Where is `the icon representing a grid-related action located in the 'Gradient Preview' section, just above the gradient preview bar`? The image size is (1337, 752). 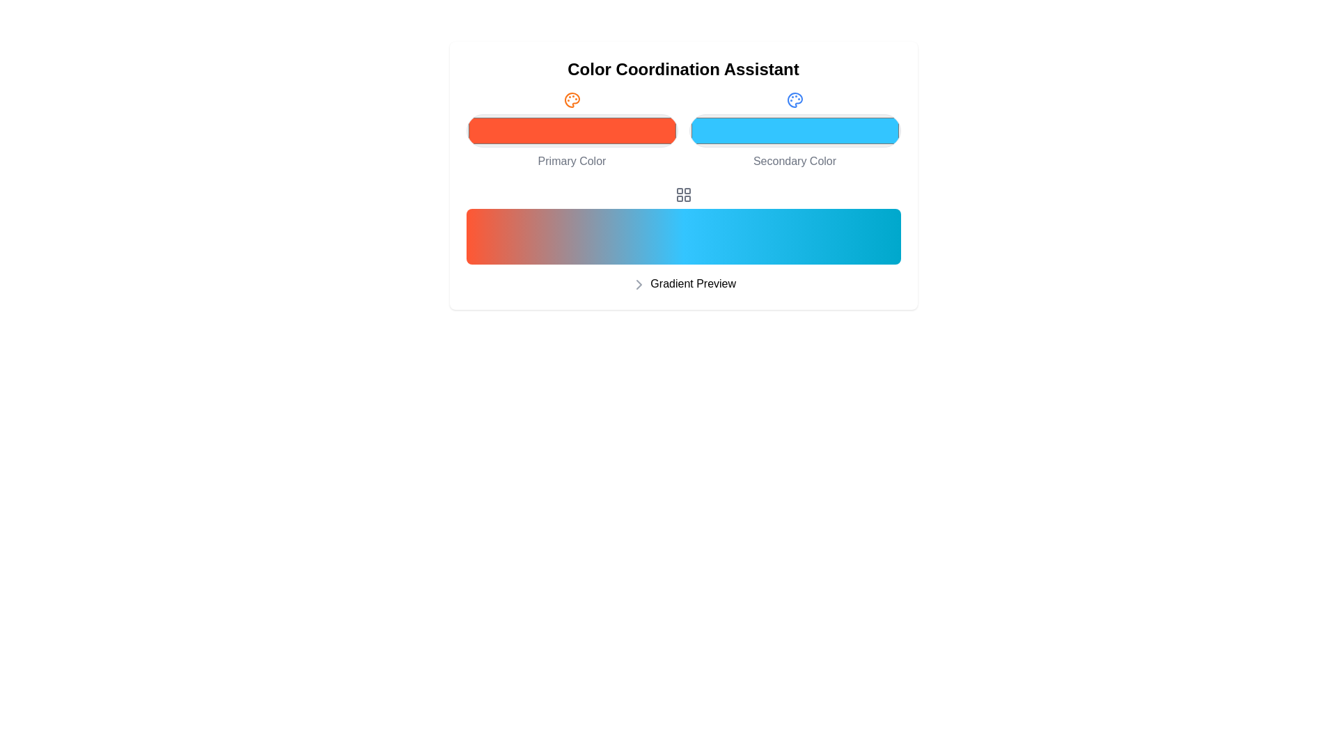
the icon representing a grid-related action located in the 'Gradient Preview' section, just above the gradient preview bar is located at coordinates (683, 195).